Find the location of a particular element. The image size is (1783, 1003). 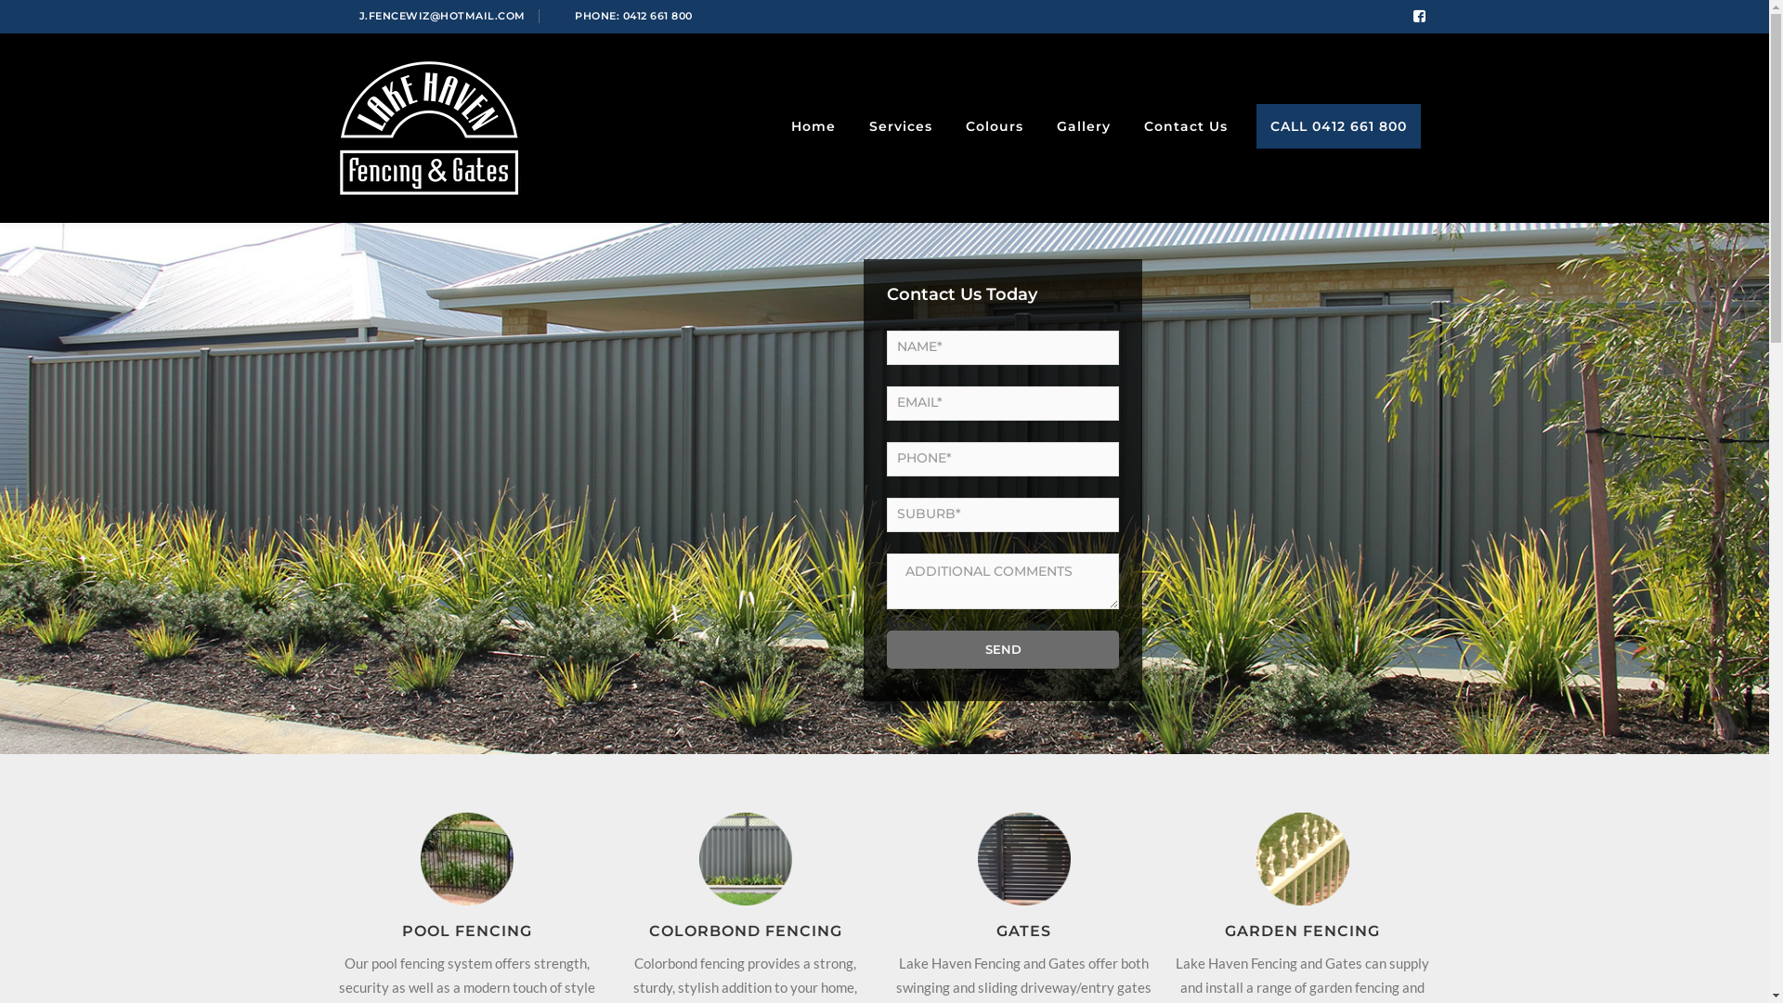

'Services' is located at coordinates (900, 125).